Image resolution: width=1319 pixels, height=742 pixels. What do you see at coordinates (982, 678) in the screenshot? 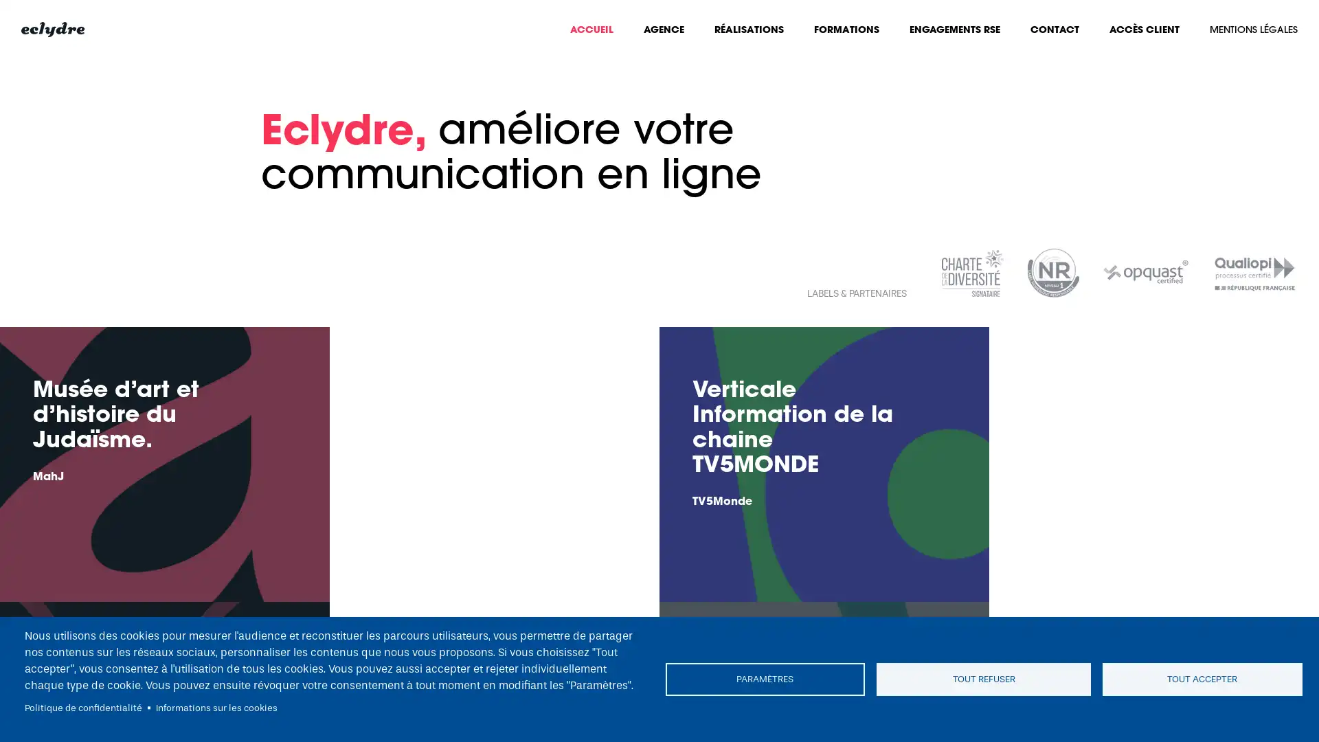
I see `TOUT REFUSER` at bounding box center [982, 678].